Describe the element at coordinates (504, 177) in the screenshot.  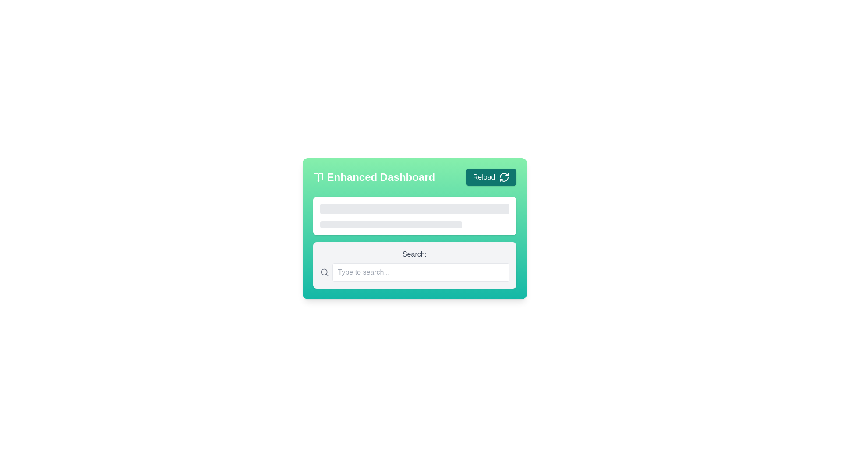
I see `the refresh icon within the 'Reload' button, which has a teal background and is located in the top-right corner of the application interface` at that location.